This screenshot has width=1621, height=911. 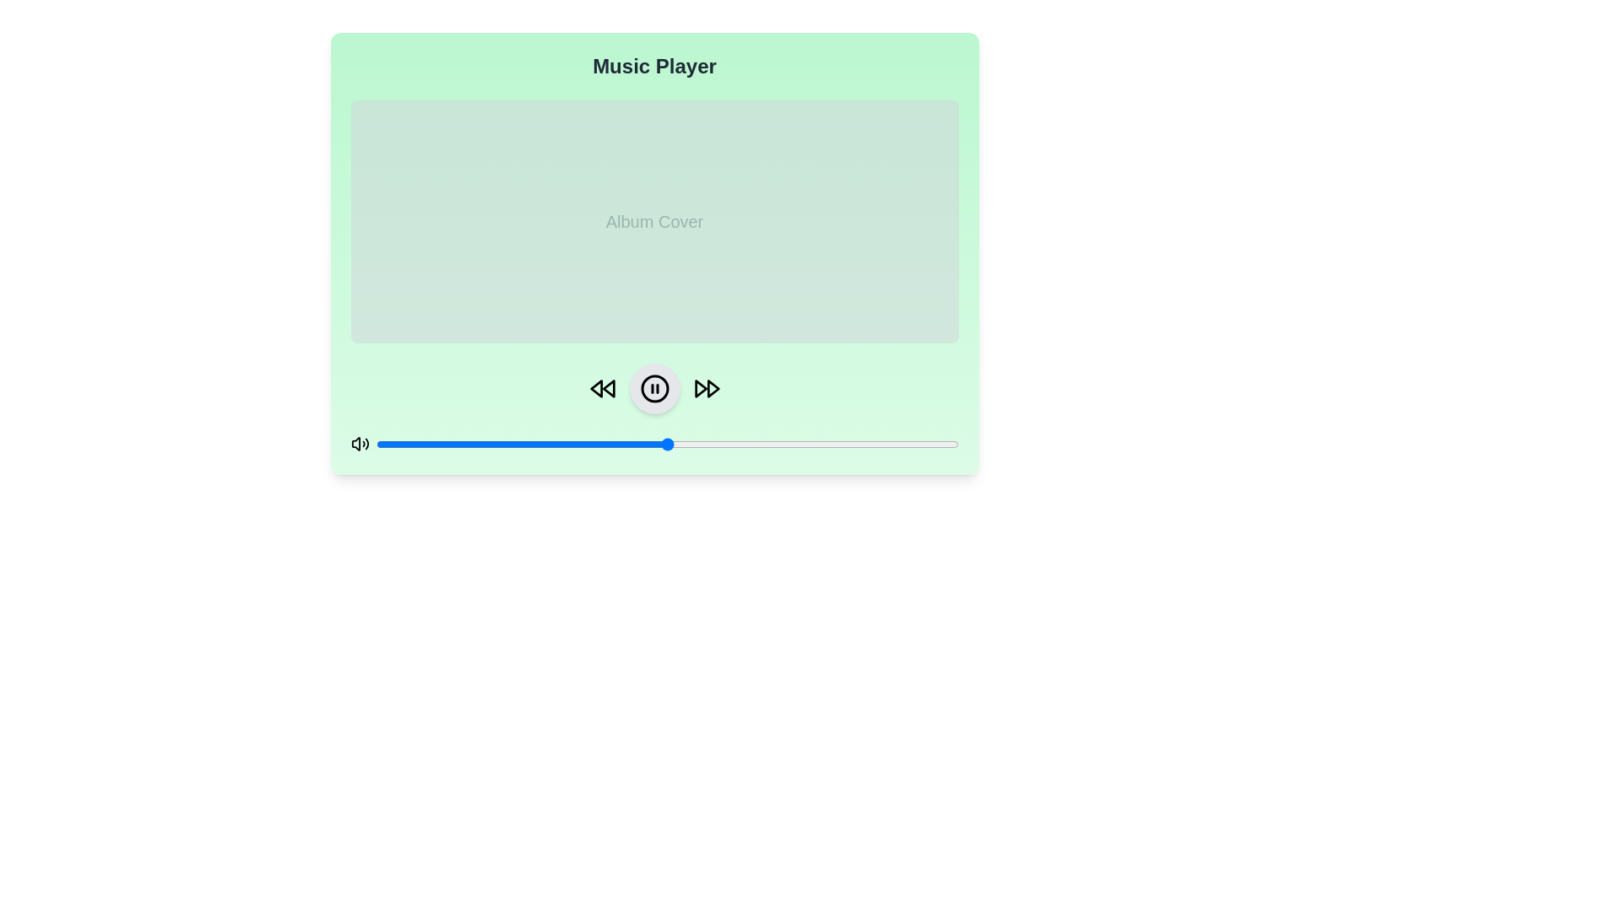 I want to click on the leftward-facing triangular arrow button associated with the rewind function in the music player interface, so click(x=595, y=389).